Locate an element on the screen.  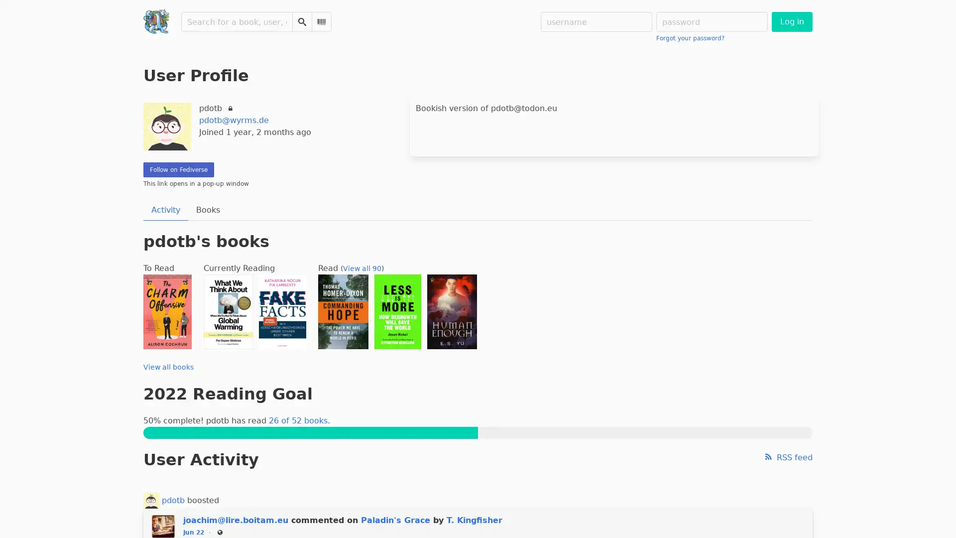
Search is located at coordinates (301, 21).